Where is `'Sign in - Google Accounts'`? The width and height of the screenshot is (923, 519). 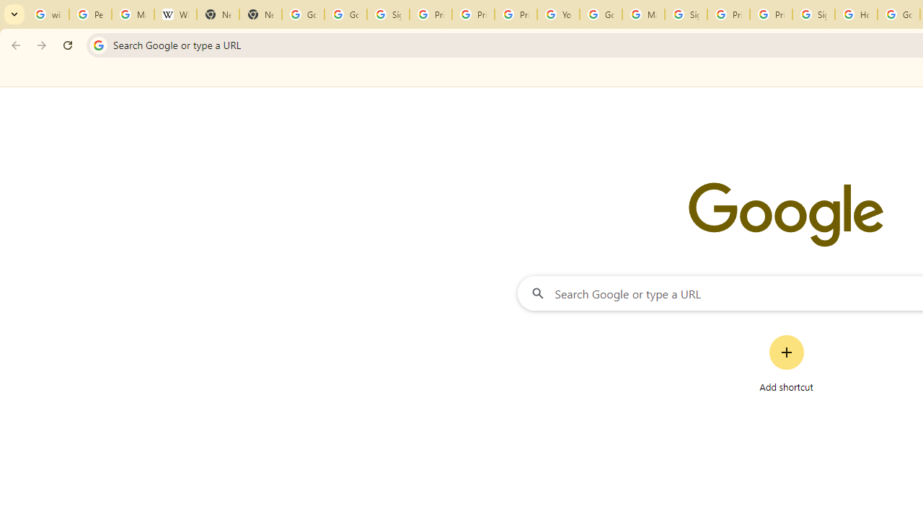
'Sign in - Google Accounts' is located at coordinates (813, 14).